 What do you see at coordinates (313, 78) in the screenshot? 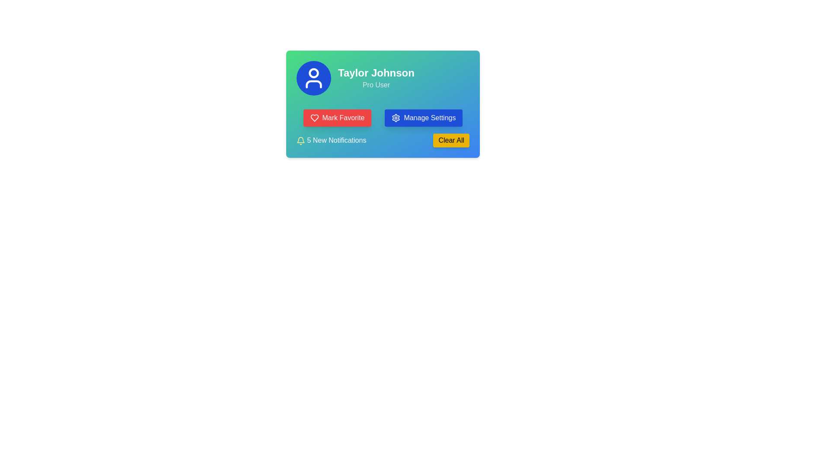
I see `the user avatar icon located within a circular blue background, positioned to the left of the text block displaying 'Taylor Johnson' and 'Pro User'` at bounding box center [313, 78].